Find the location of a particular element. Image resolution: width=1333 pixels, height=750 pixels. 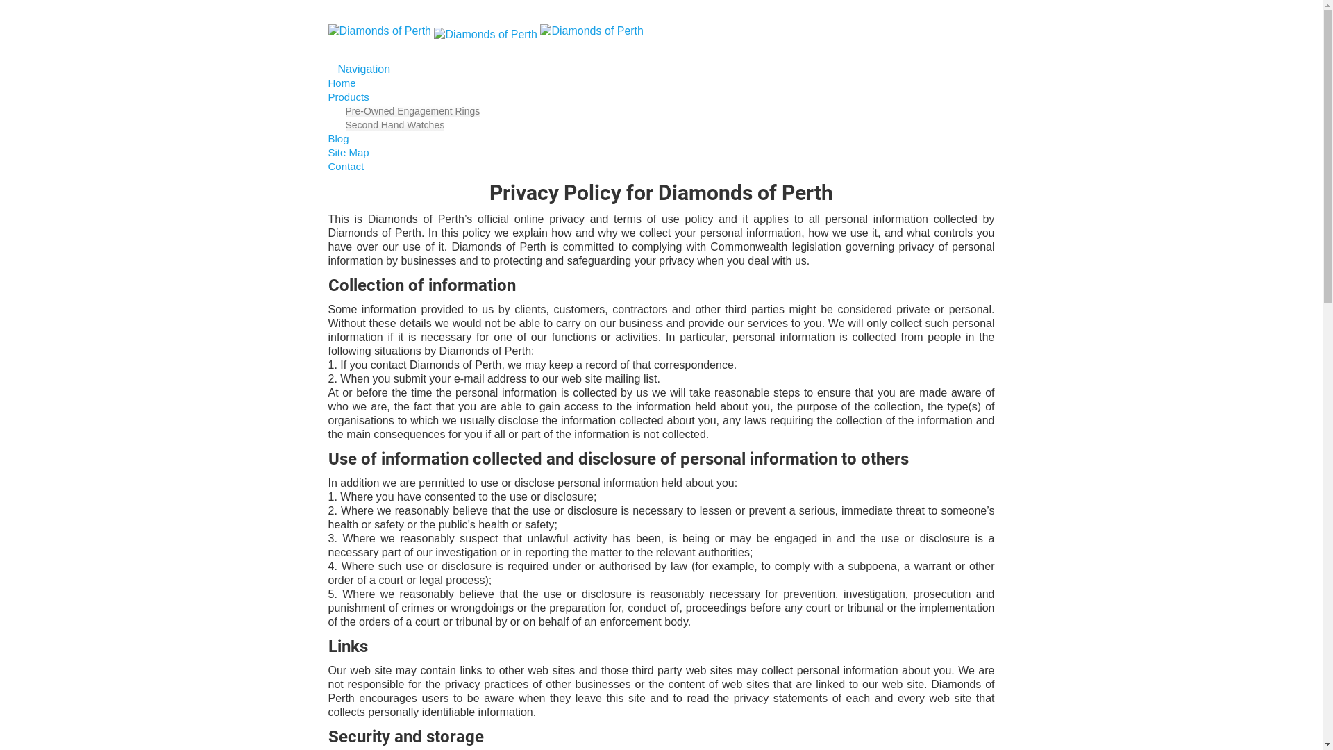

'Products' is located at coordinates (353, 96).